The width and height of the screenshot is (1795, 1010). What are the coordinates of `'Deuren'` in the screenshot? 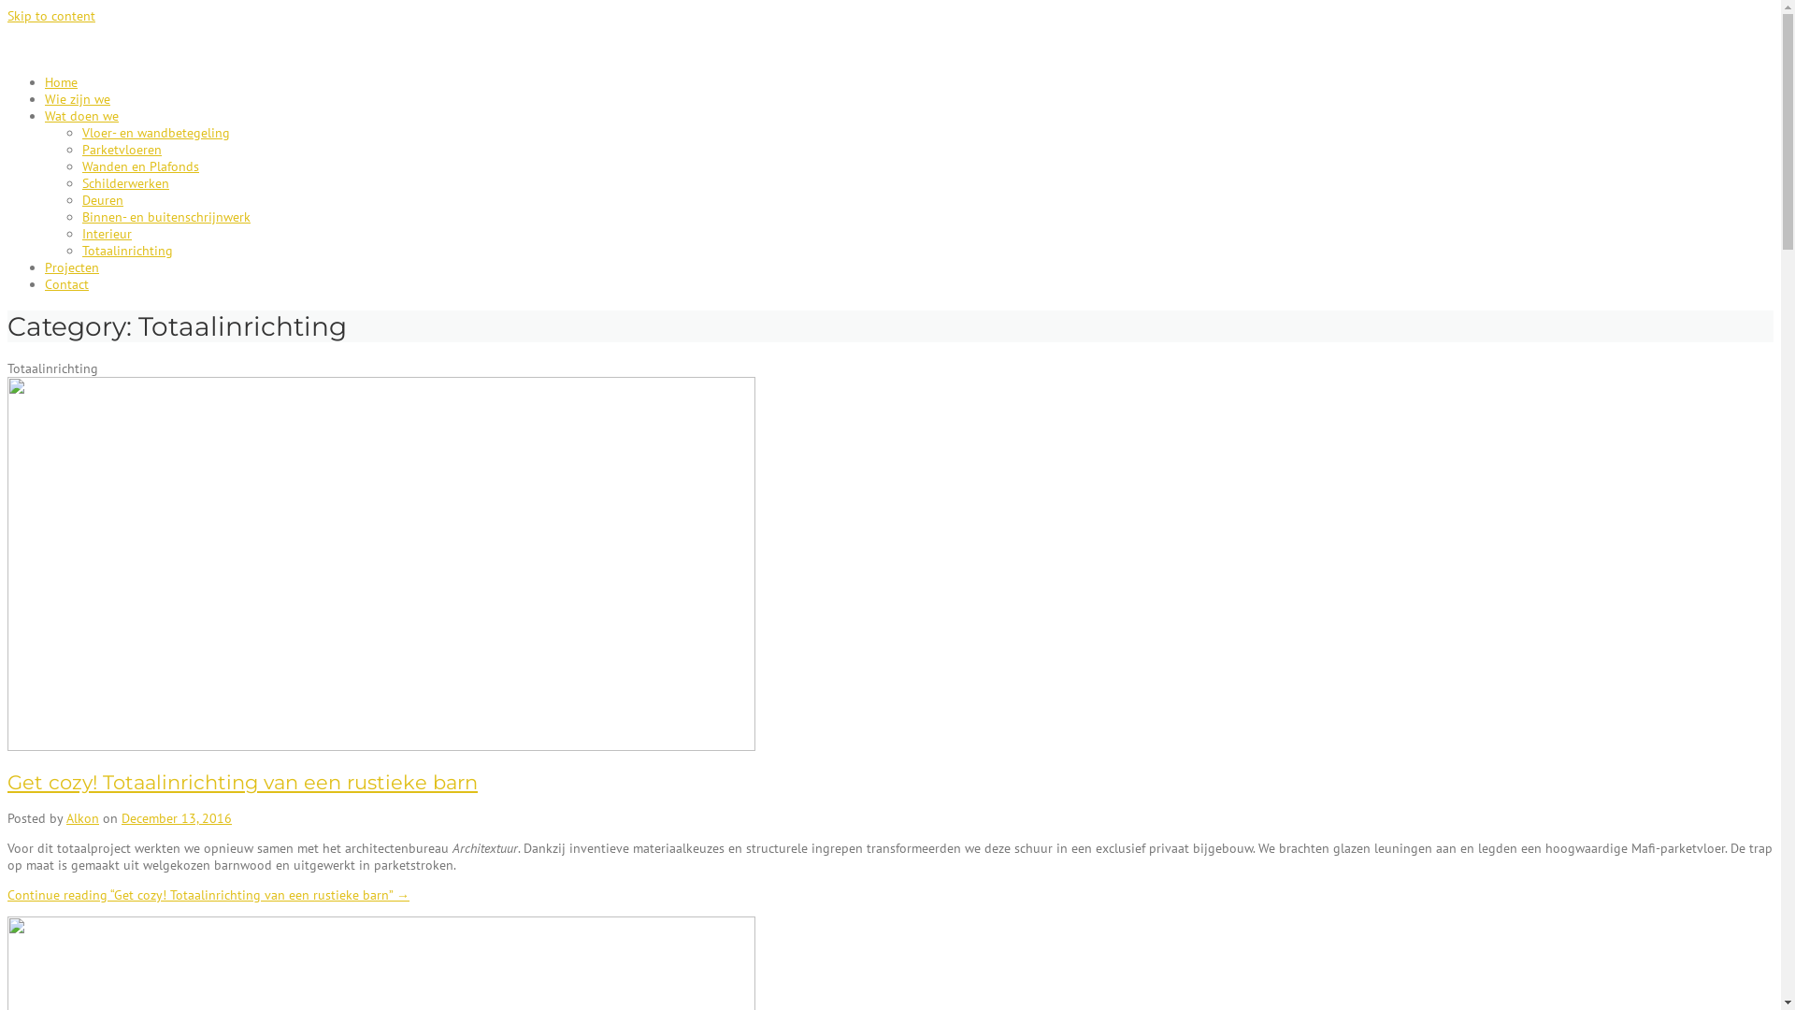 It's located at (102, 199).